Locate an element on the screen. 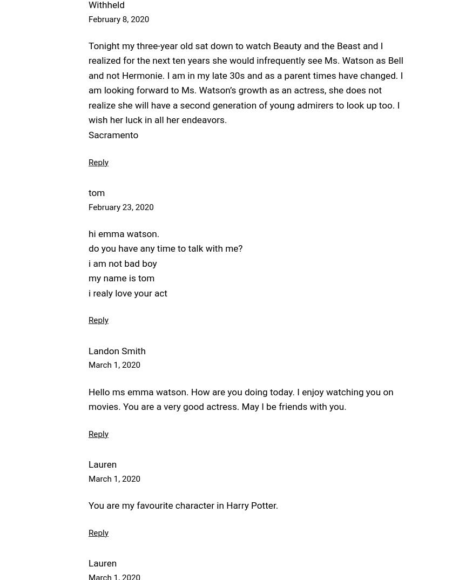  'i realy love your act' is located at coordinates (127, 292).